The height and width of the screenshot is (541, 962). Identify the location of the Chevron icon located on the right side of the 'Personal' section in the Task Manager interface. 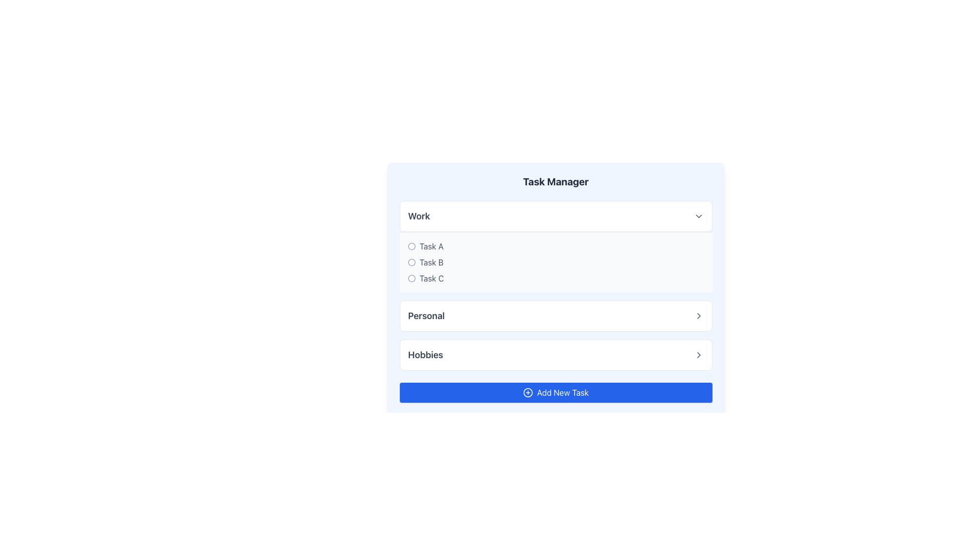
(698, 316).